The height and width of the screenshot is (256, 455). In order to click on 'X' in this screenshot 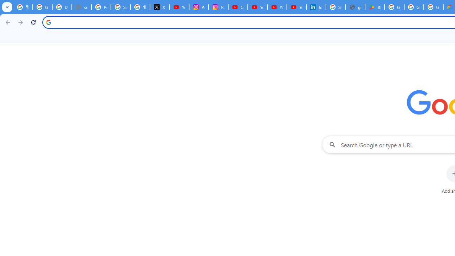, I will do `click(159, 7)`.